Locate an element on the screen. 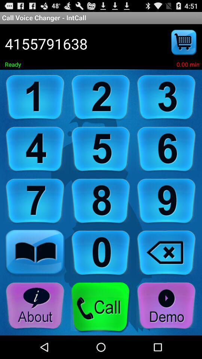 The image size is (202, 359). information screen is located at coordinates (35, 306).